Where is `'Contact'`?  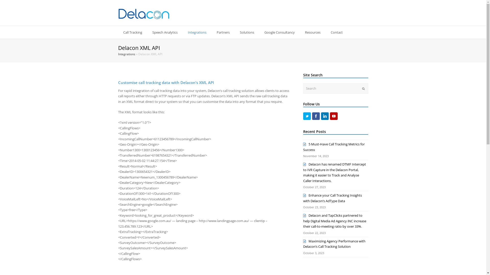 'Contact' is located at coordinates (337, 32).